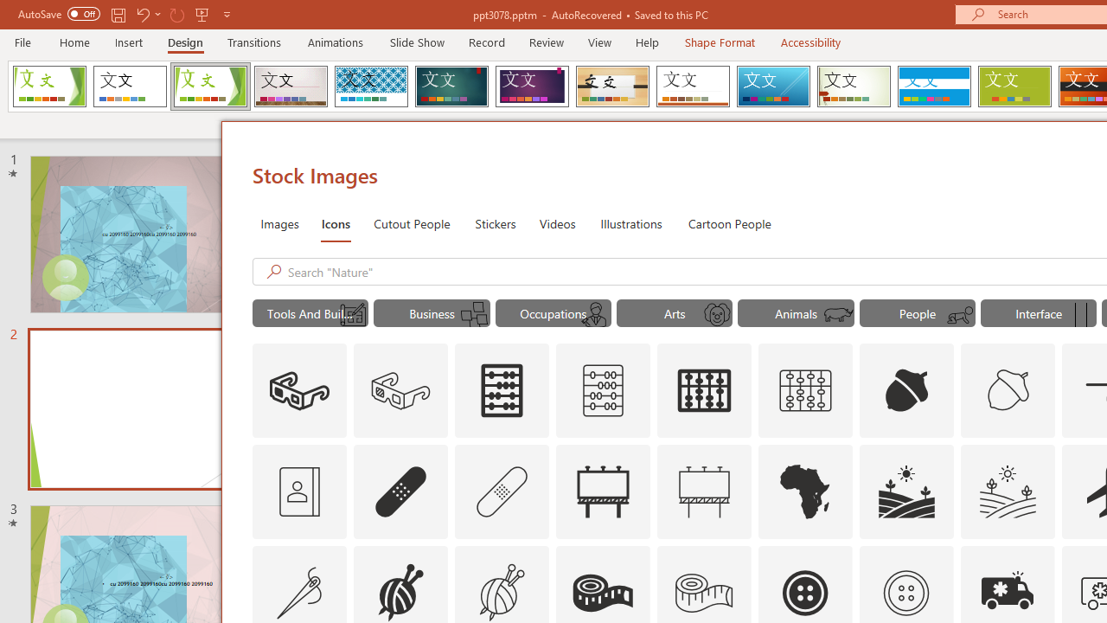  I want to click on 'Banded', so click(933, 87).